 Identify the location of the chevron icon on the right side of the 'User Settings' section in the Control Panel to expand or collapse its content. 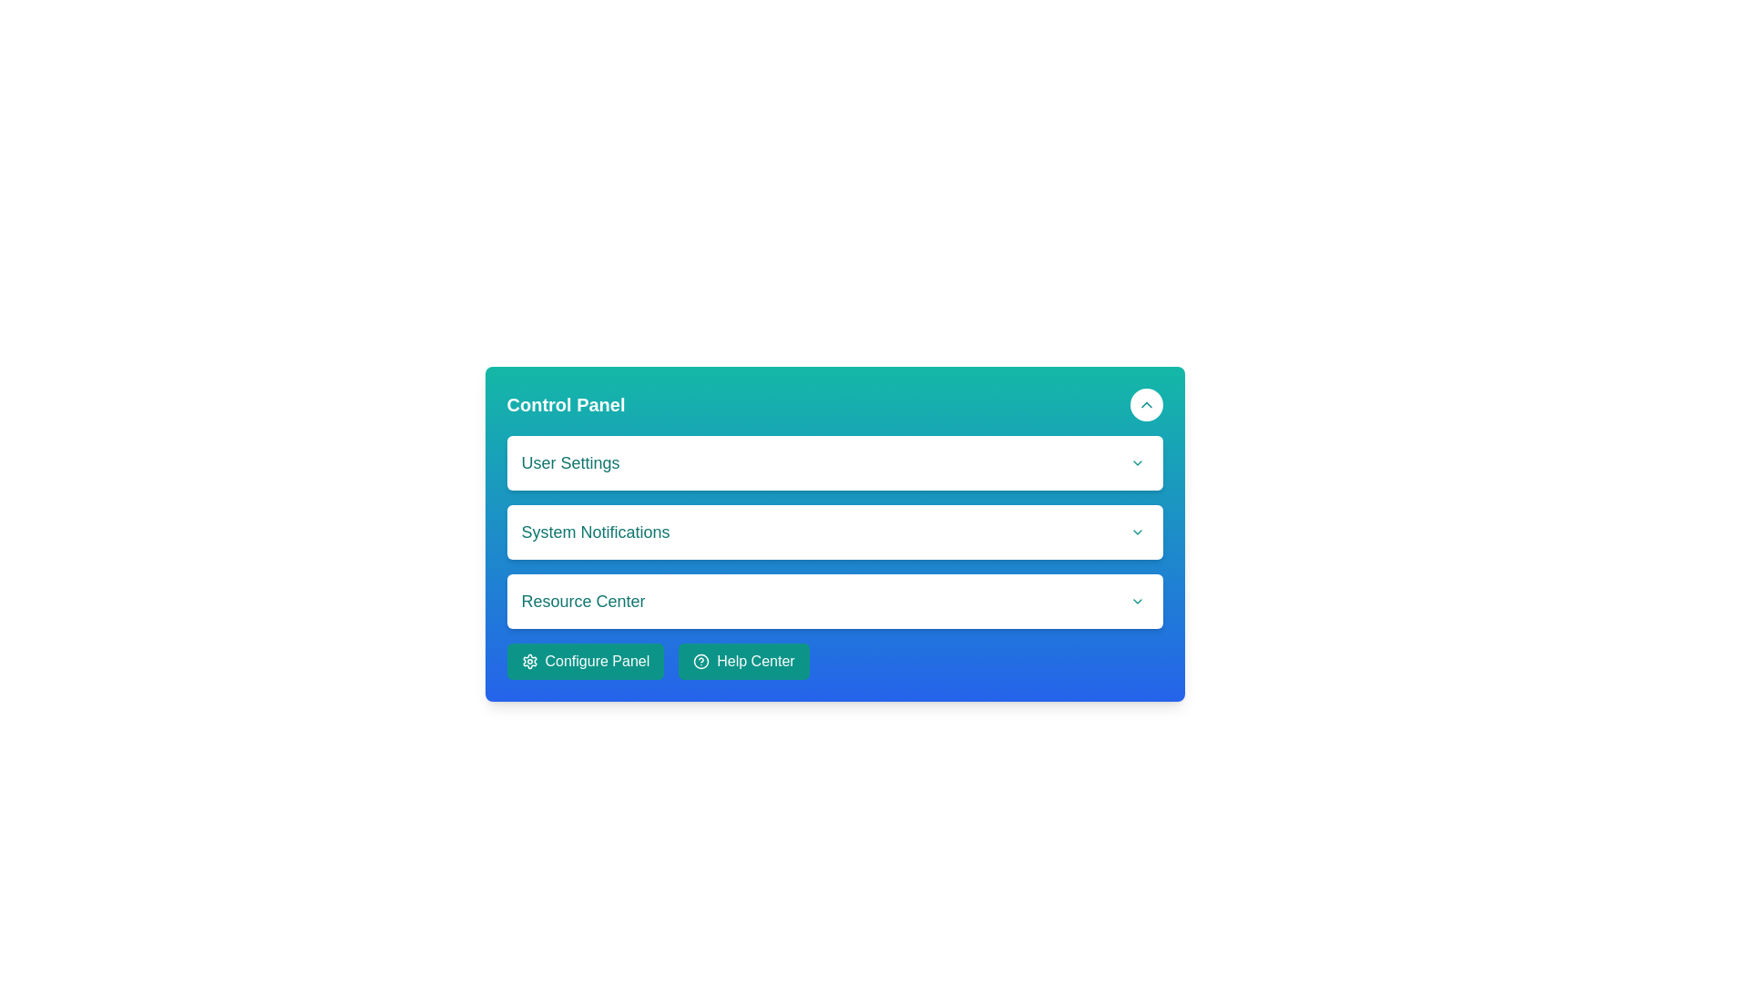
(834, 557).